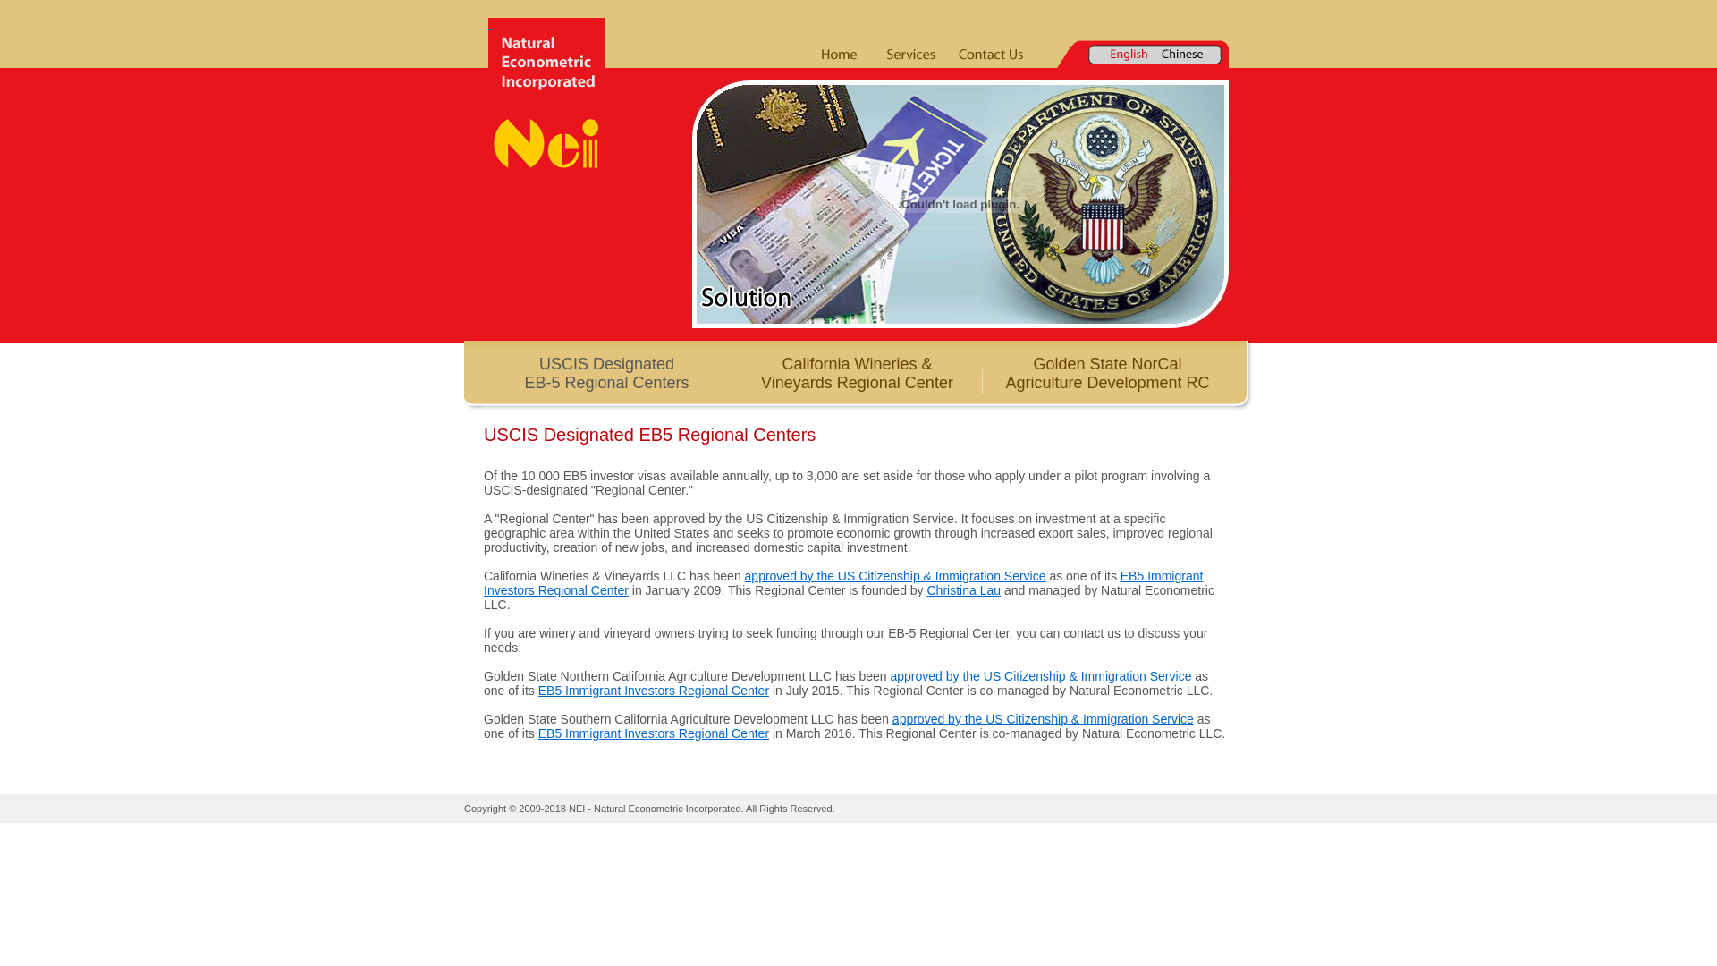  What do you see at coordinates (652, 689) in the screenshot?
I see `'EB5 Immigrant Investors Regional Center'` at bounding box center [652, 689].